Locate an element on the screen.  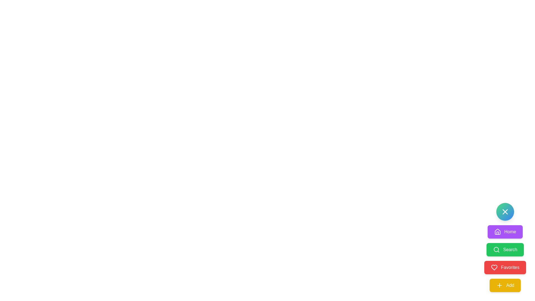
the close or cancel icon located at the top center of the circular button above the vertical collection of buttons labeled 'Home', 'Search', 'Favorites', and 'Add' is located at coordinates (505, 212).